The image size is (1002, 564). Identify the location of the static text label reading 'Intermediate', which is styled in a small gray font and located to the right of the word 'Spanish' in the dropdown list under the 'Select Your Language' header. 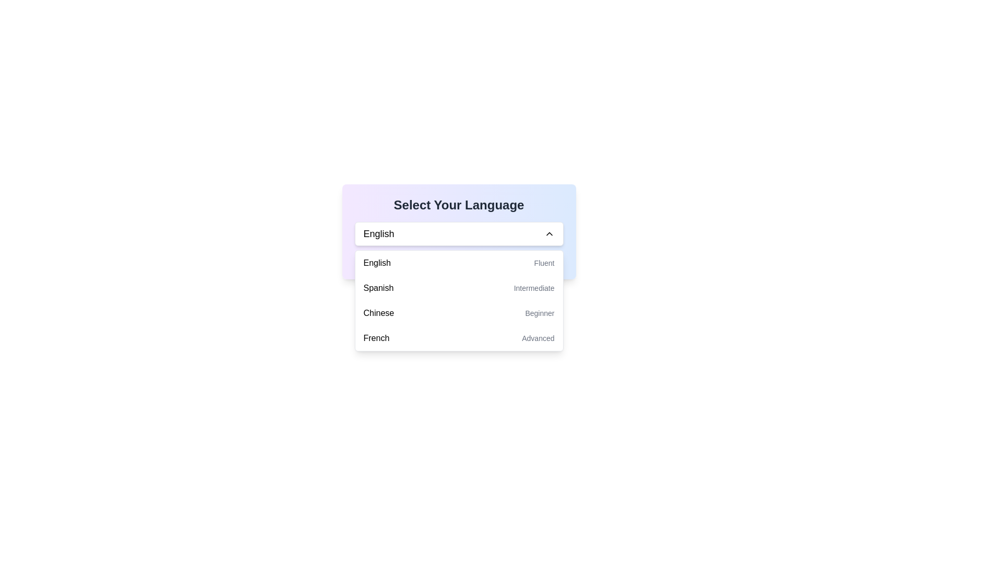
(534, 288).